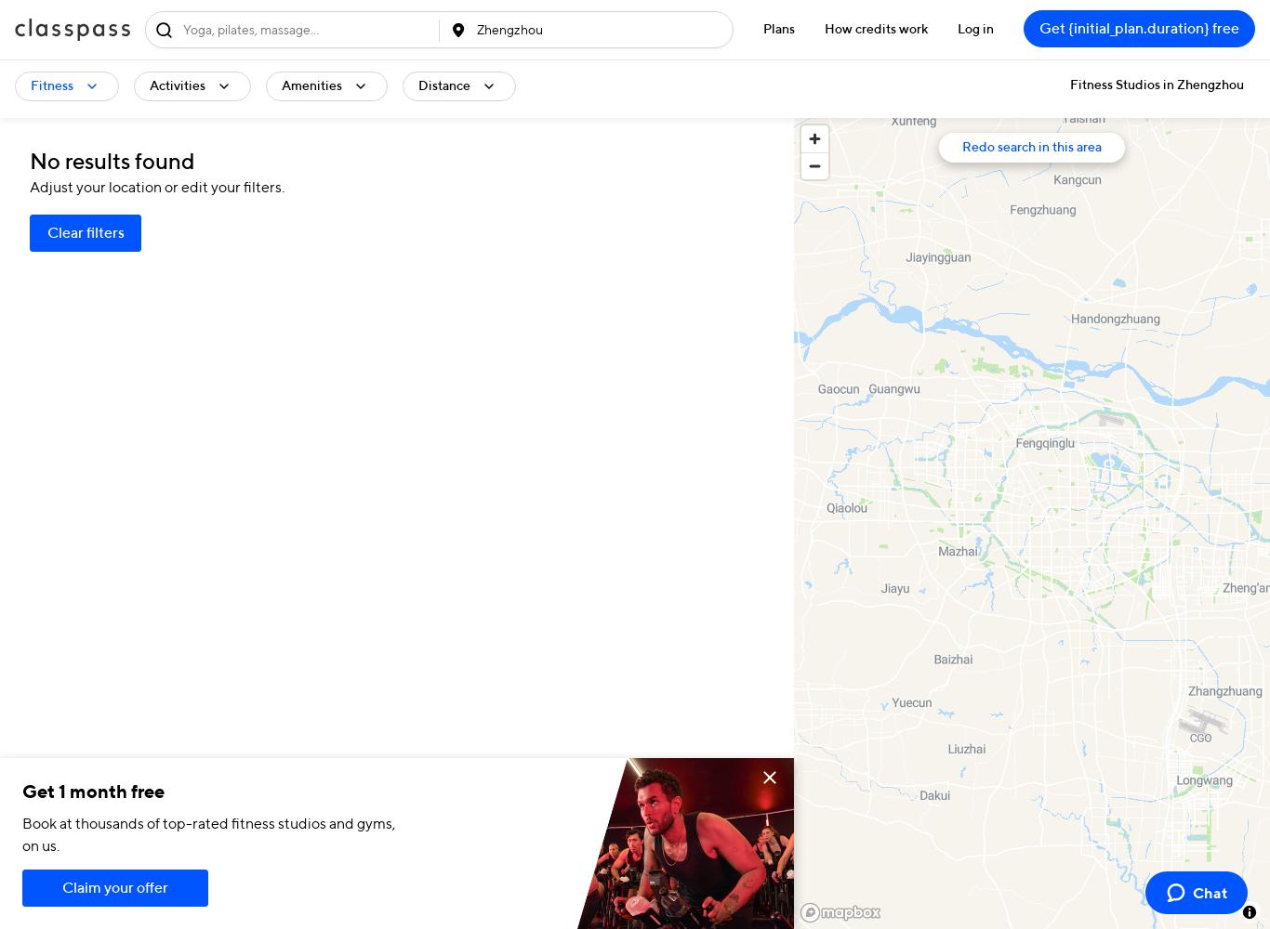 The image size is (1270, 929). I want to click on 'Activities', so click(149, 85).